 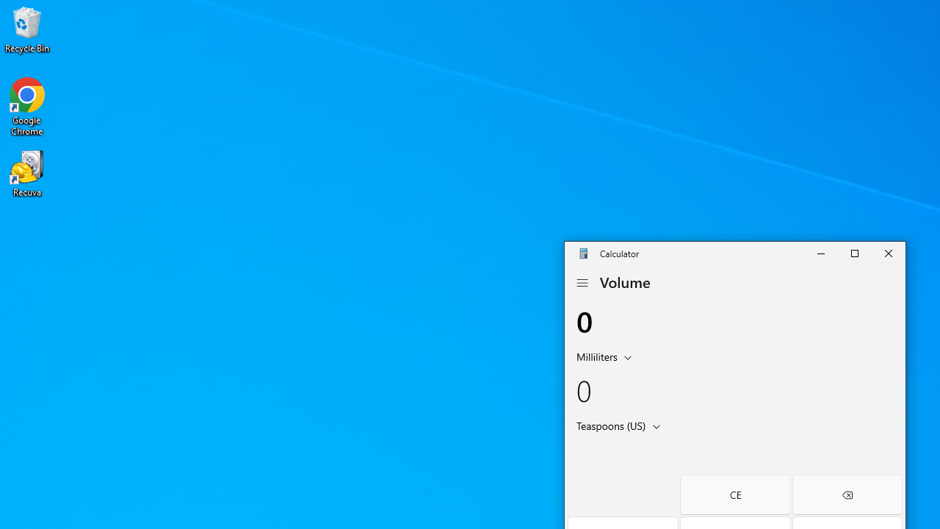 What do you see at coordinates (621, 425) in the screenshot?
I see `'Output unit'` at bounding box center [621, 425].